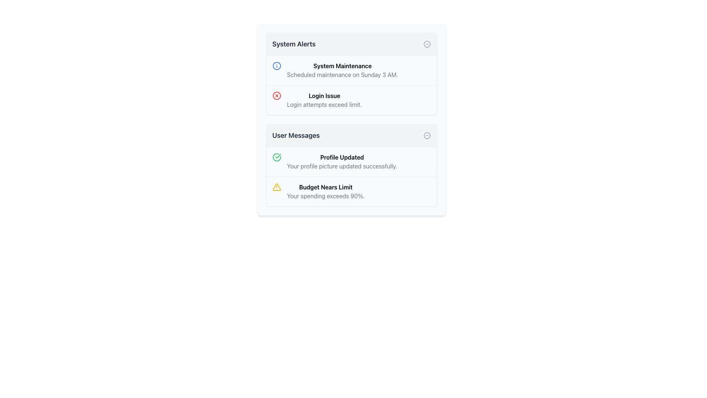  What do you see at coordinates (427, 135) in the screenshot?
I see `the icon button located in the top-right corner of the 'User Messages' section` at bounding box center [427, 135].